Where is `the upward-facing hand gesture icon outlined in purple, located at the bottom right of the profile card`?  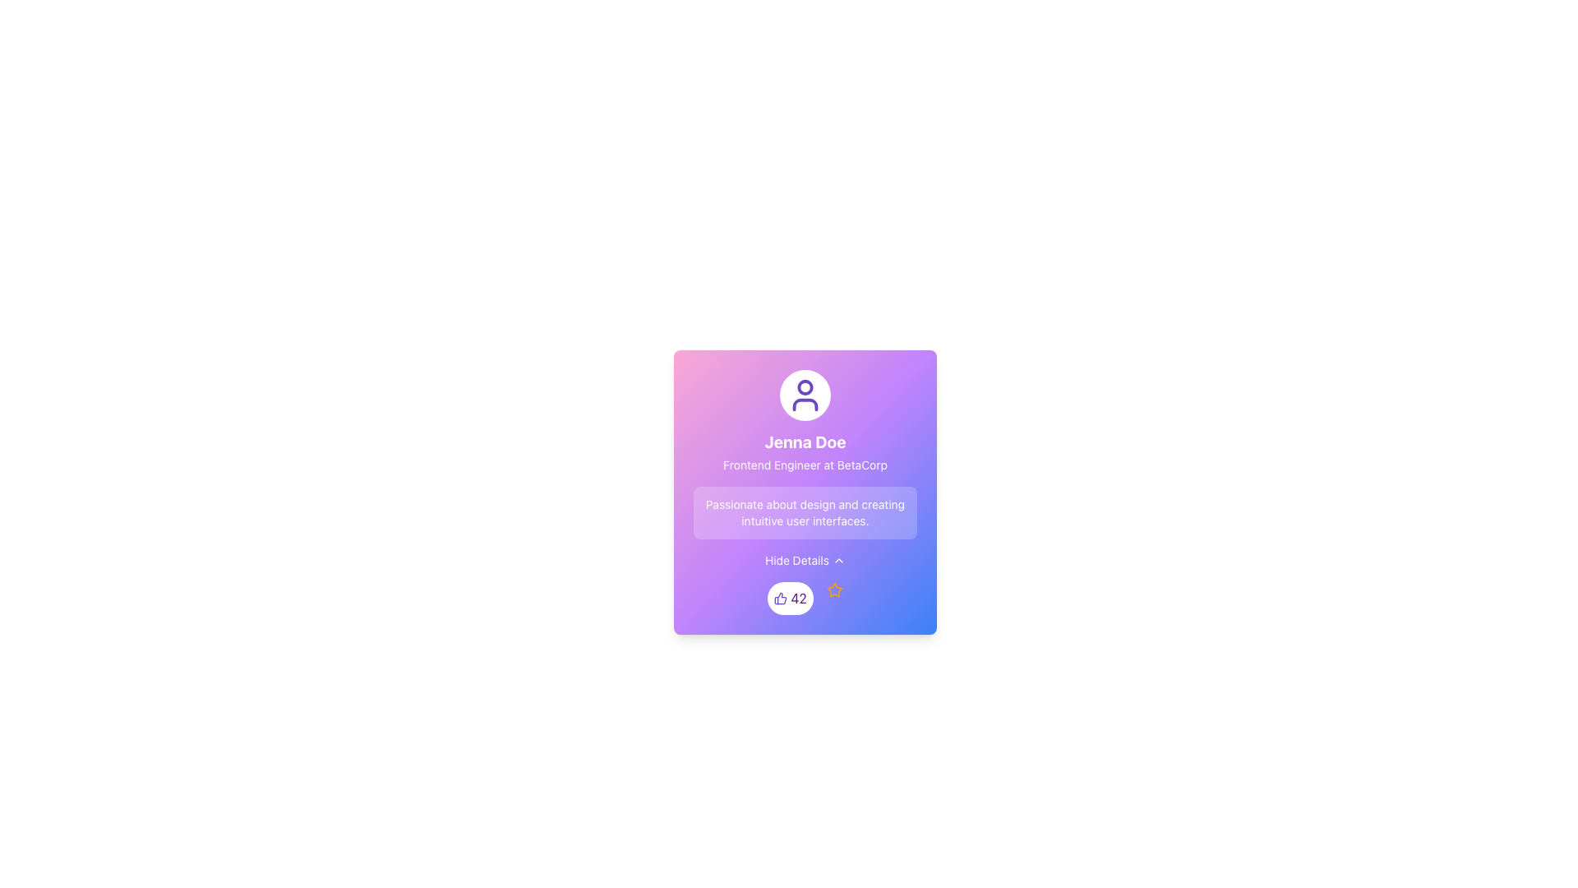 the upward-facing hand gesture icon outlined in purple, located at the bottom right of the profile card is located at coordinates (780, 599).